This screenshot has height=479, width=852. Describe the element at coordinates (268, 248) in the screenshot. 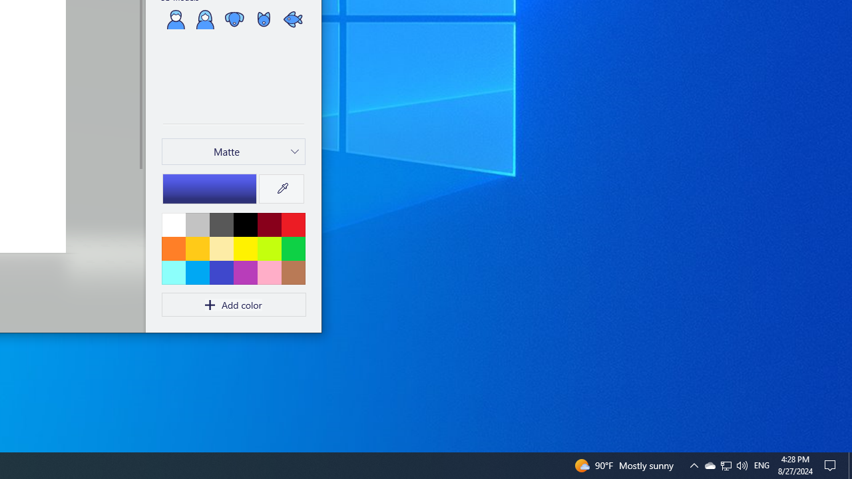

I see `'Lime'` at that location.